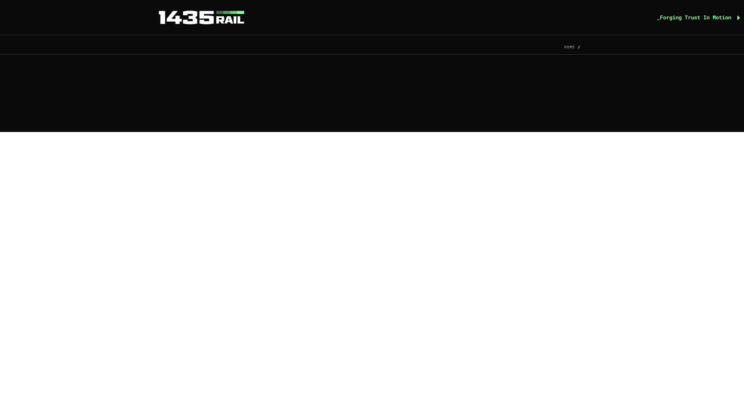  What do you see at coordinates (201, 17) in the screenshot?
I see `'Forging Trust In Motion'` at bounding box center [201, 17].